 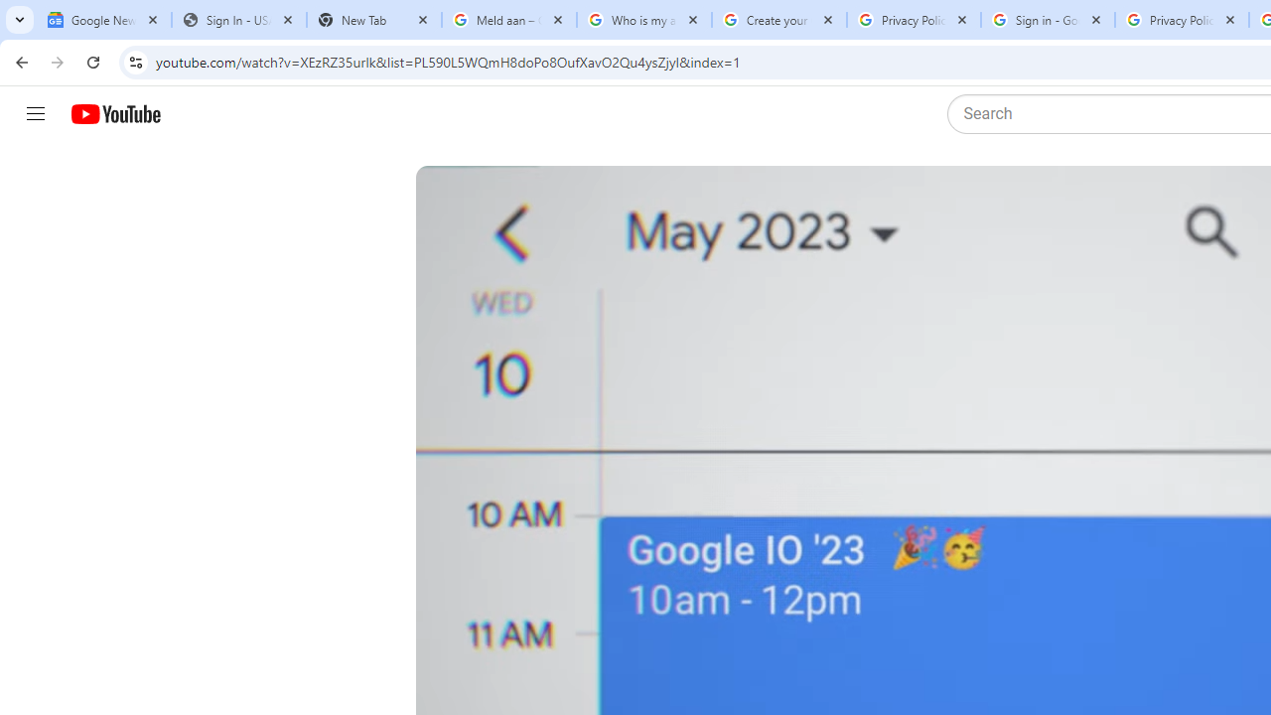 I want to click on 'Create your Google Account', so click(x=777, y=20).